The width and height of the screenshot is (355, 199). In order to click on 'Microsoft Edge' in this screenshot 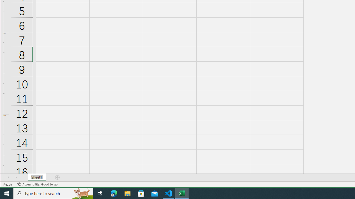, I will do `click(114, 193)`.